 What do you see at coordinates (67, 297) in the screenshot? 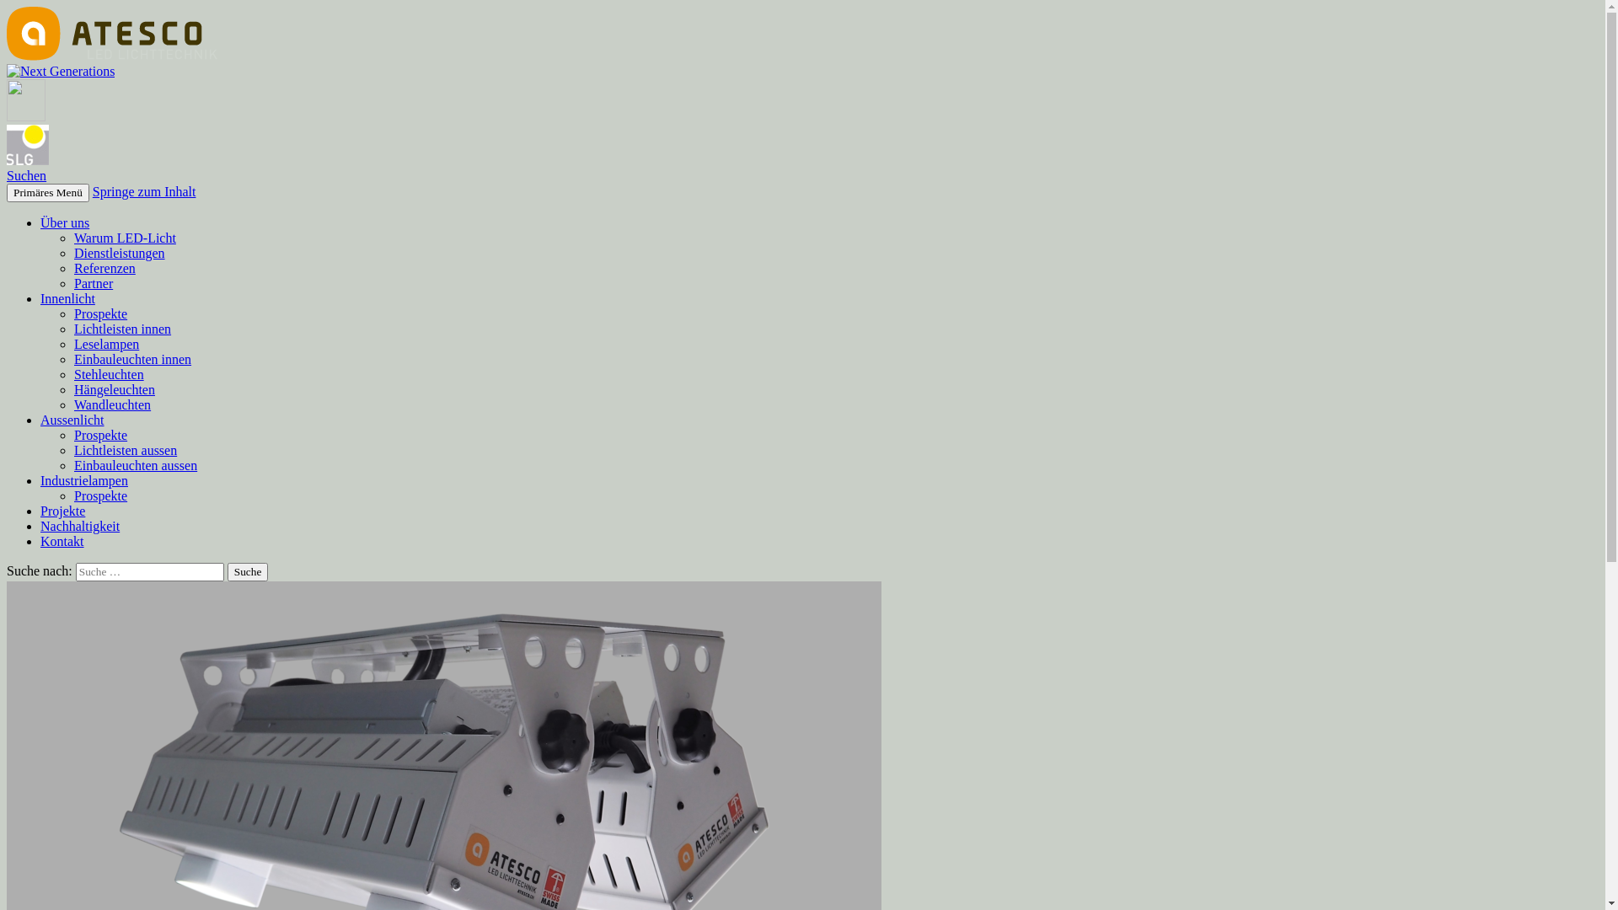
I see `'Innenlicht'` at bounding box center [67, 297].